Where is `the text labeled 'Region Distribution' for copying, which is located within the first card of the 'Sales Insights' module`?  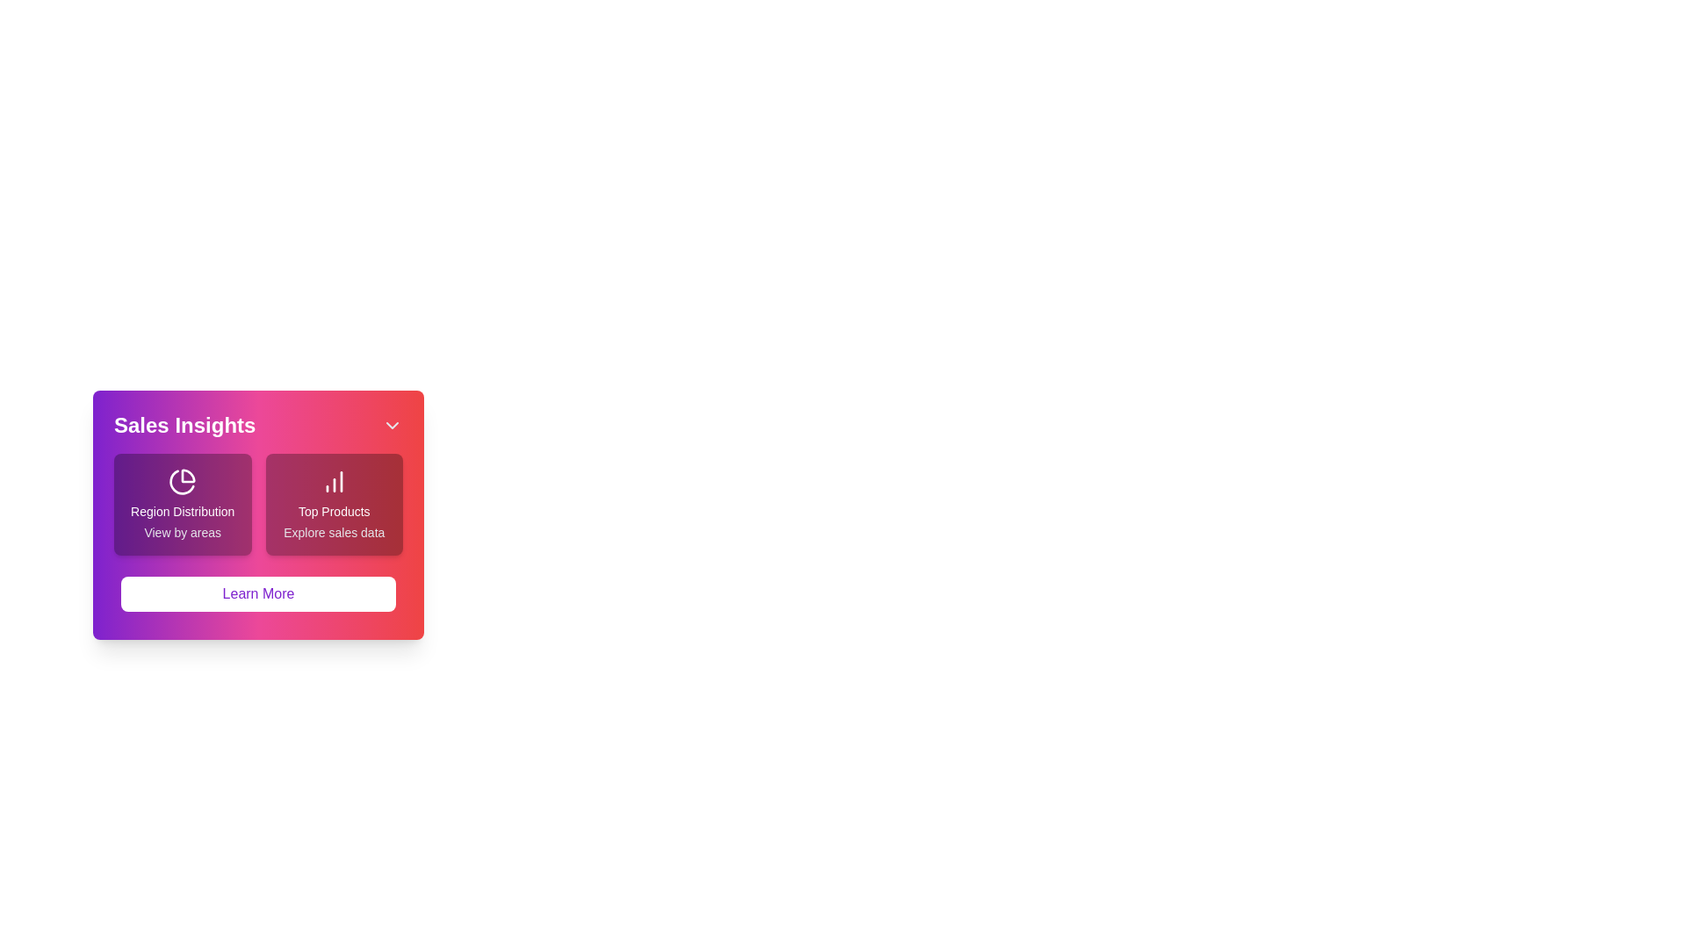
the text labeled 'Region Distribution' for copying, which is located within the first card of the 'Sales Insights' module is located at coordinates (183, 511).